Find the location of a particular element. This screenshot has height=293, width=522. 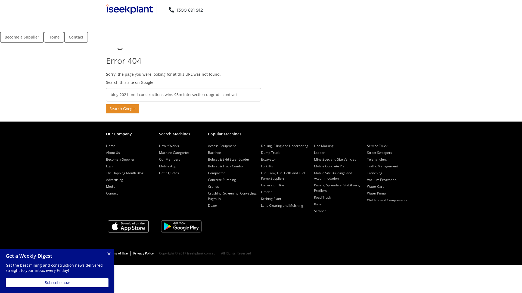

'GooglePlay' is located at coordinates (181, 226).